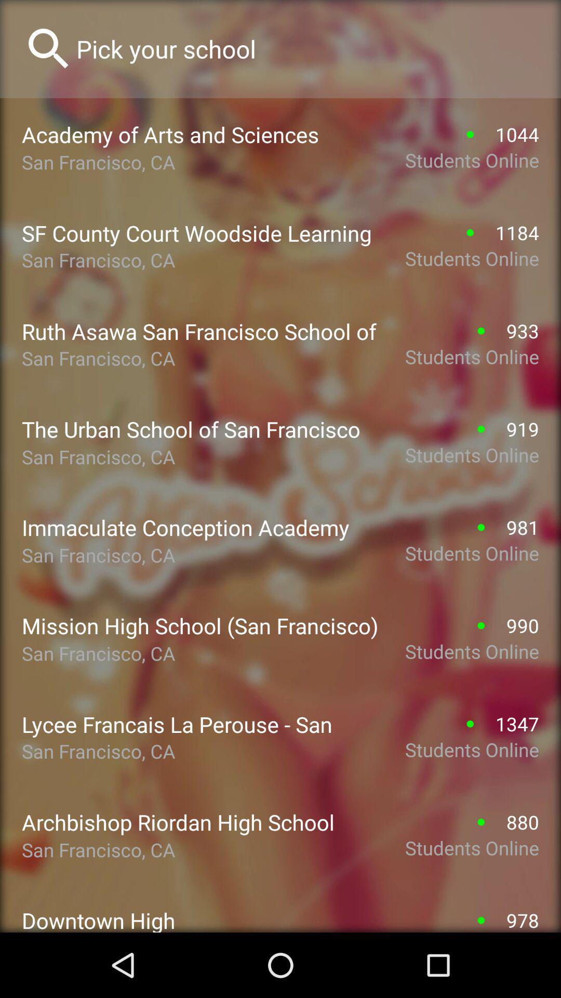  I want to click on search option, so click(307, 48).